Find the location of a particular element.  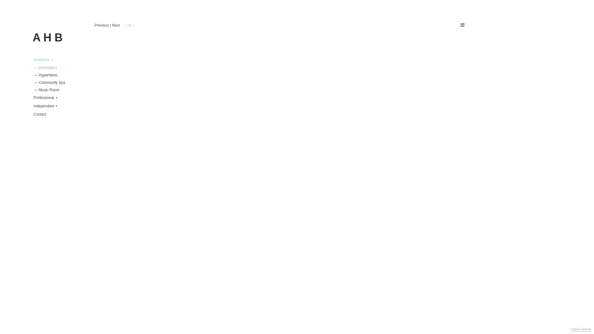

'Next' is located at coordinates (116, 25).